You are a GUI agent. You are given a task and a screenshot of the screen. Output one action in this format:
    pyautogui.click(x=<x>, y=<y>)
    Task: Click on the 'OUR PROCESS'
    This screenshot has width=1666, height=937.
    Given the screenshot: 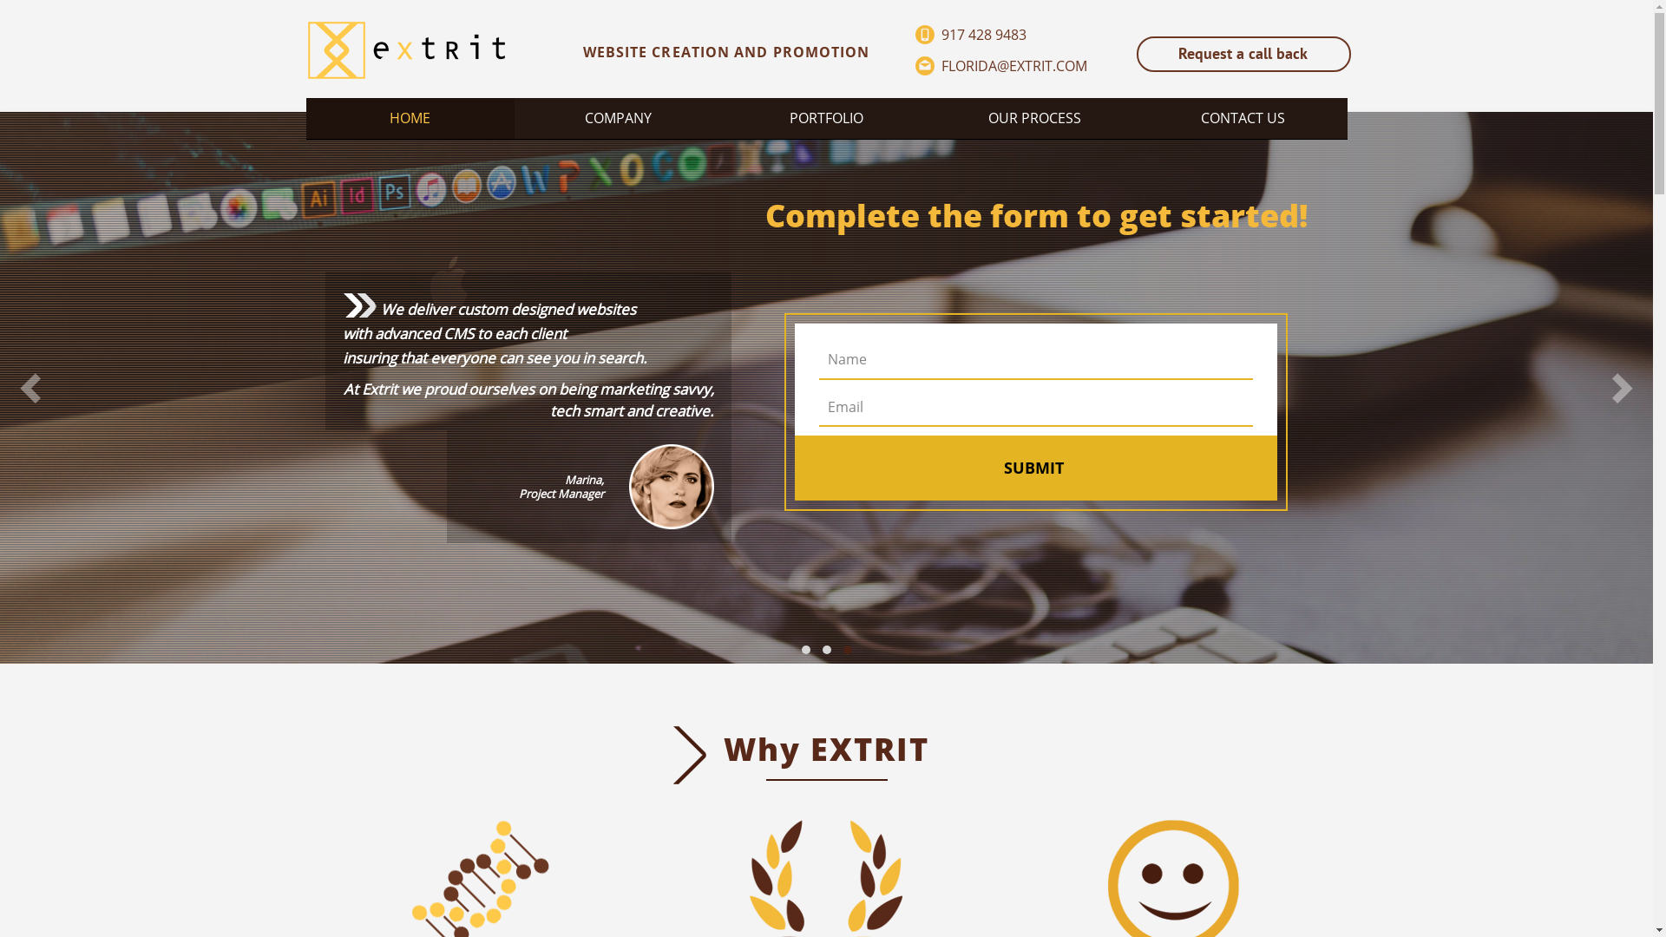 What is the action you would take?
    pyautogui.click(x=1033, y=117)
    